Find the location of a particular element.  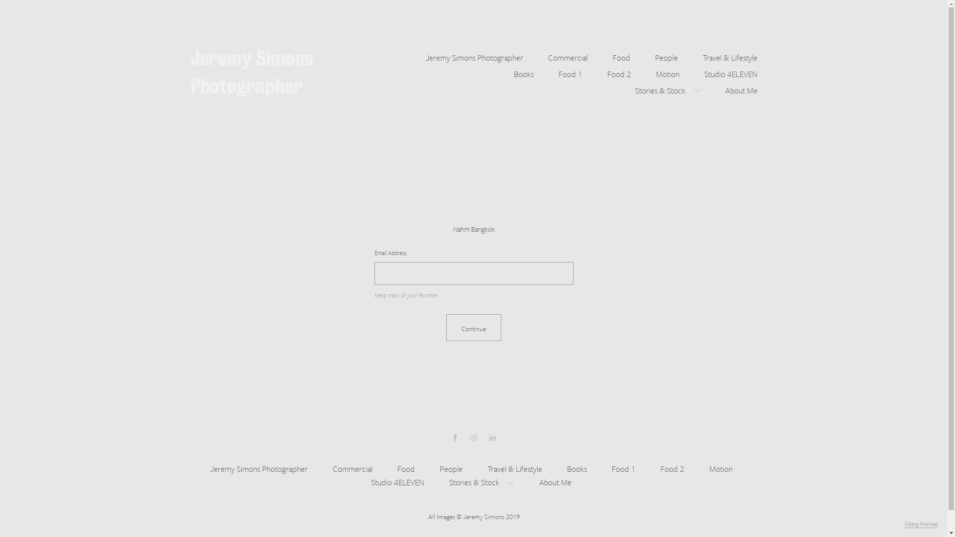

'Stories & Stock' is located at coordinates (634, 89).